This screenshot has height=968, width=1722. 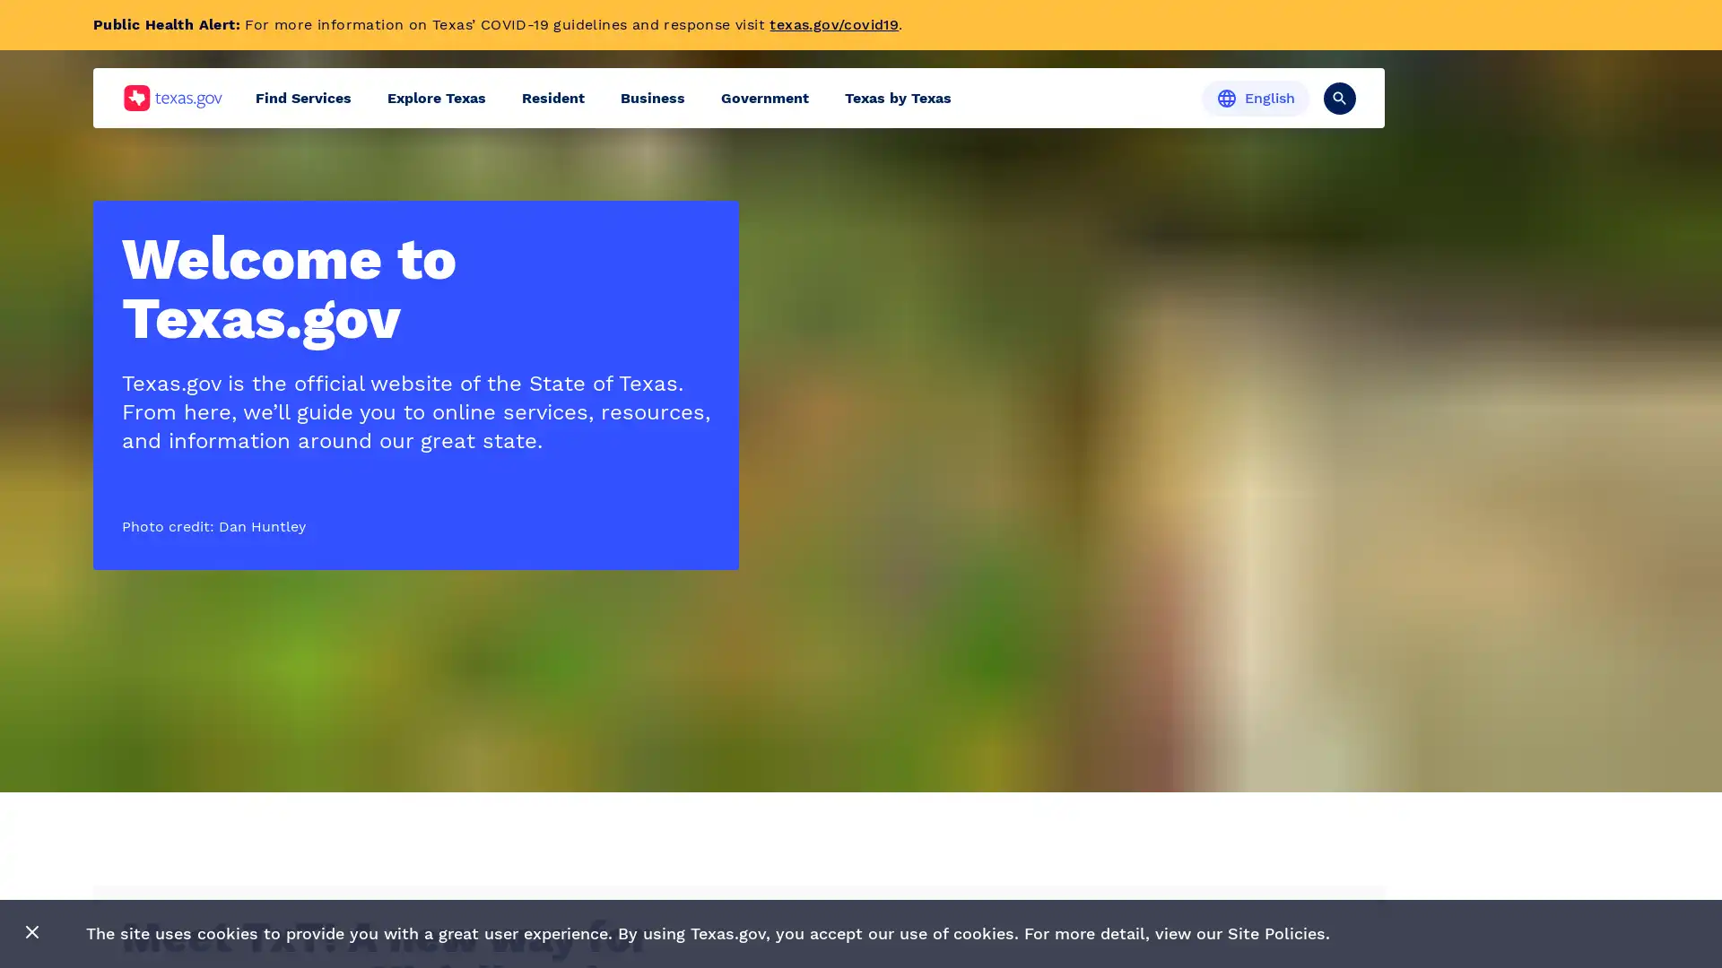 What do you see at coordinates (32, 932) in the screenshot?
I see `Close` at bounding box center [32, 932].